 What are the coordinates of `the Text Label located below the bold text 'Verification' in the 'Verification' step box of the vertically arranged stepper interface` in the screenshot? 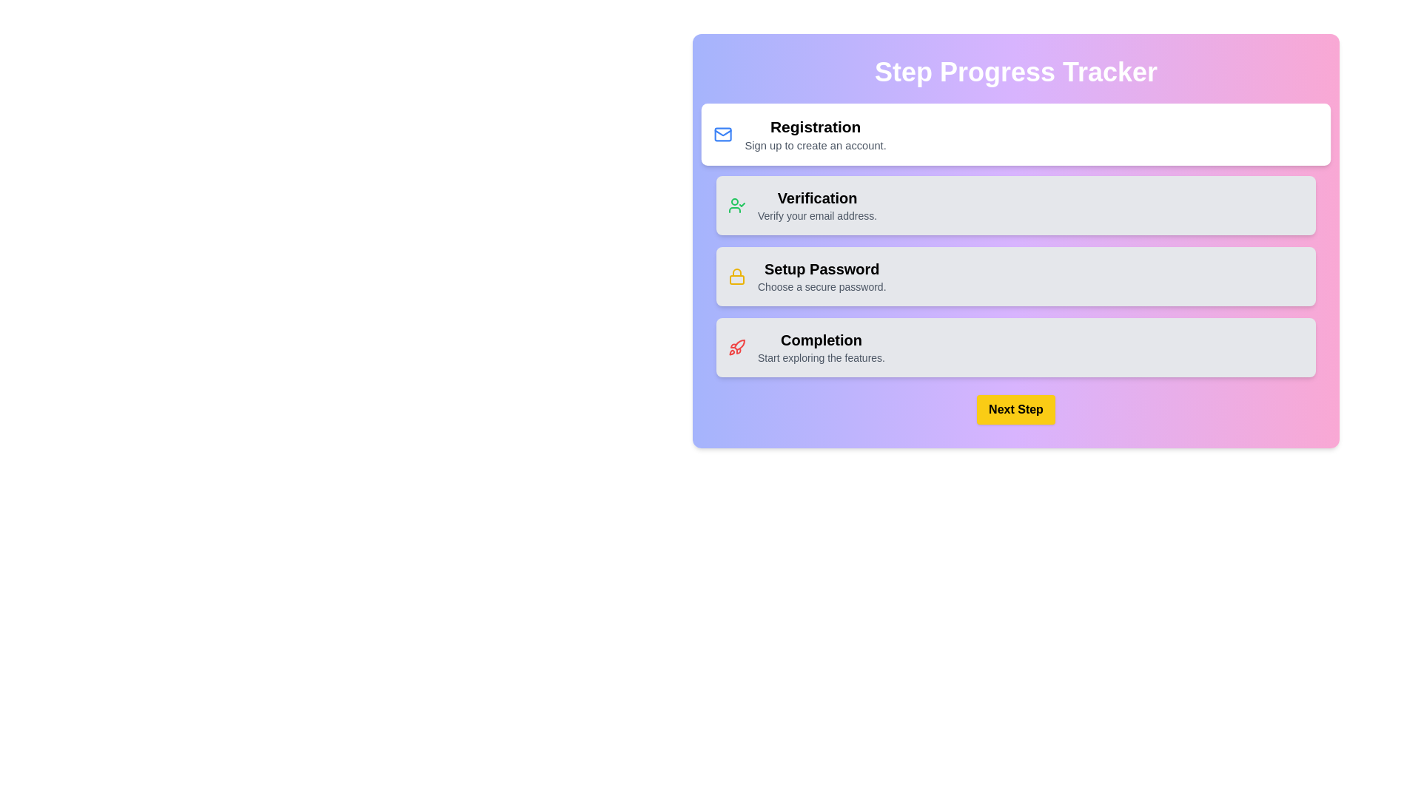 It's located at (816, 216).